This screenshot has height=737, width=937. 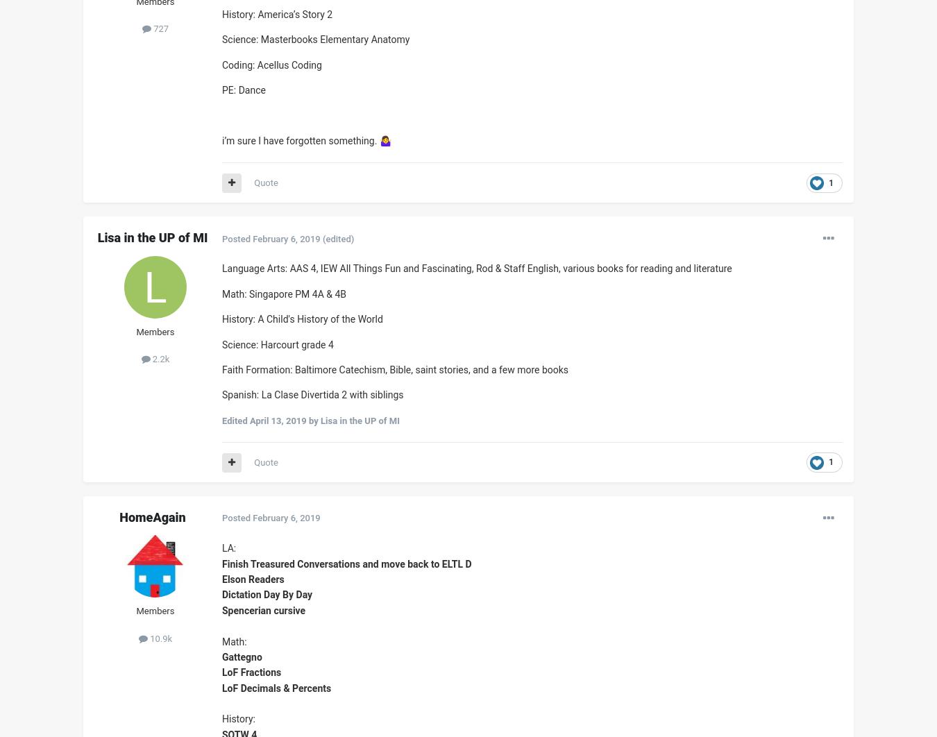 What do you see at coordinates (302, 318) in the screenshot?
I see `'History: A Child's History of the World'` at bounding box center [302, 318].